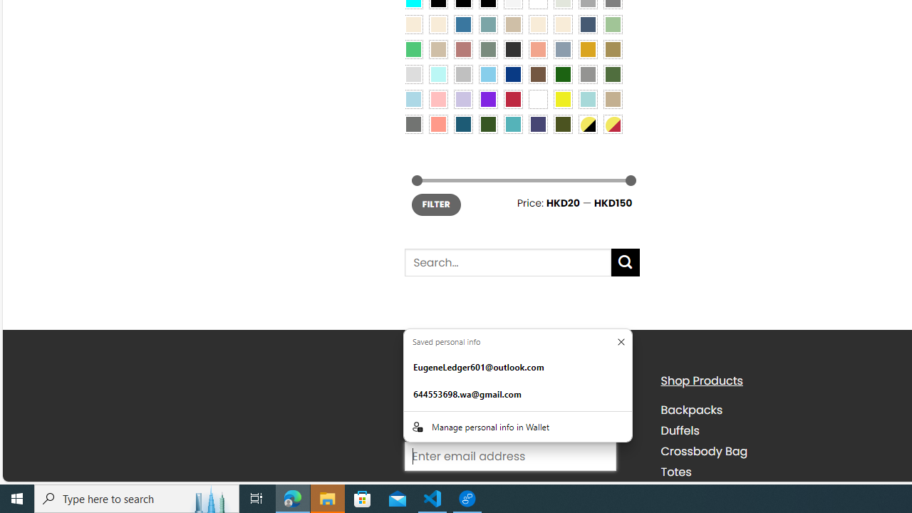 Image resolution: width=912 pixels, height=513 pixels. Describe the element at coordinates (613, 24) in the screenshot. I see `'Light Green'` at that location.